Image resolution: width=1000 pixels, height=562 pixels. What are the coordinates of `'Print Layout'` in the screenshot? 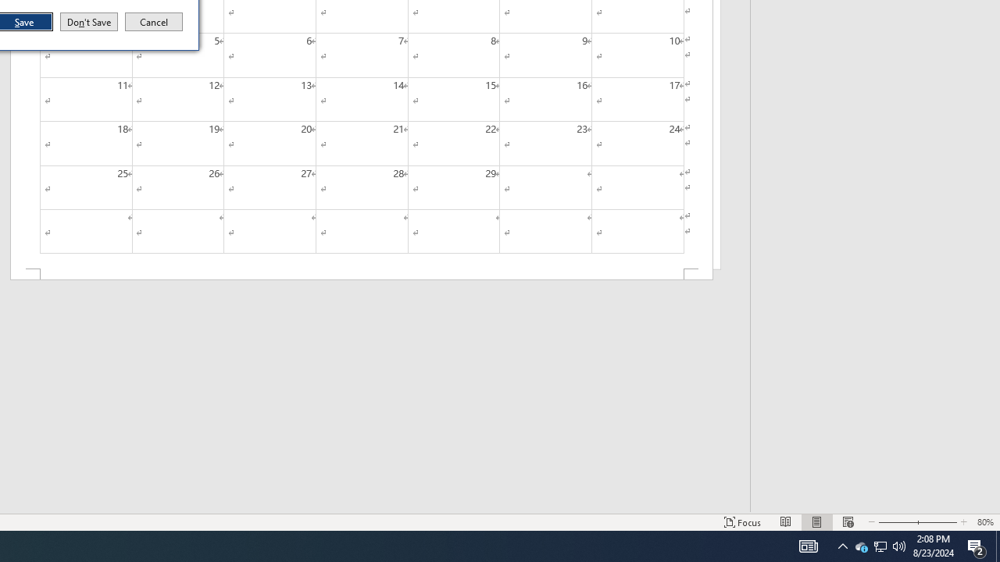 It's located at (816, 522).